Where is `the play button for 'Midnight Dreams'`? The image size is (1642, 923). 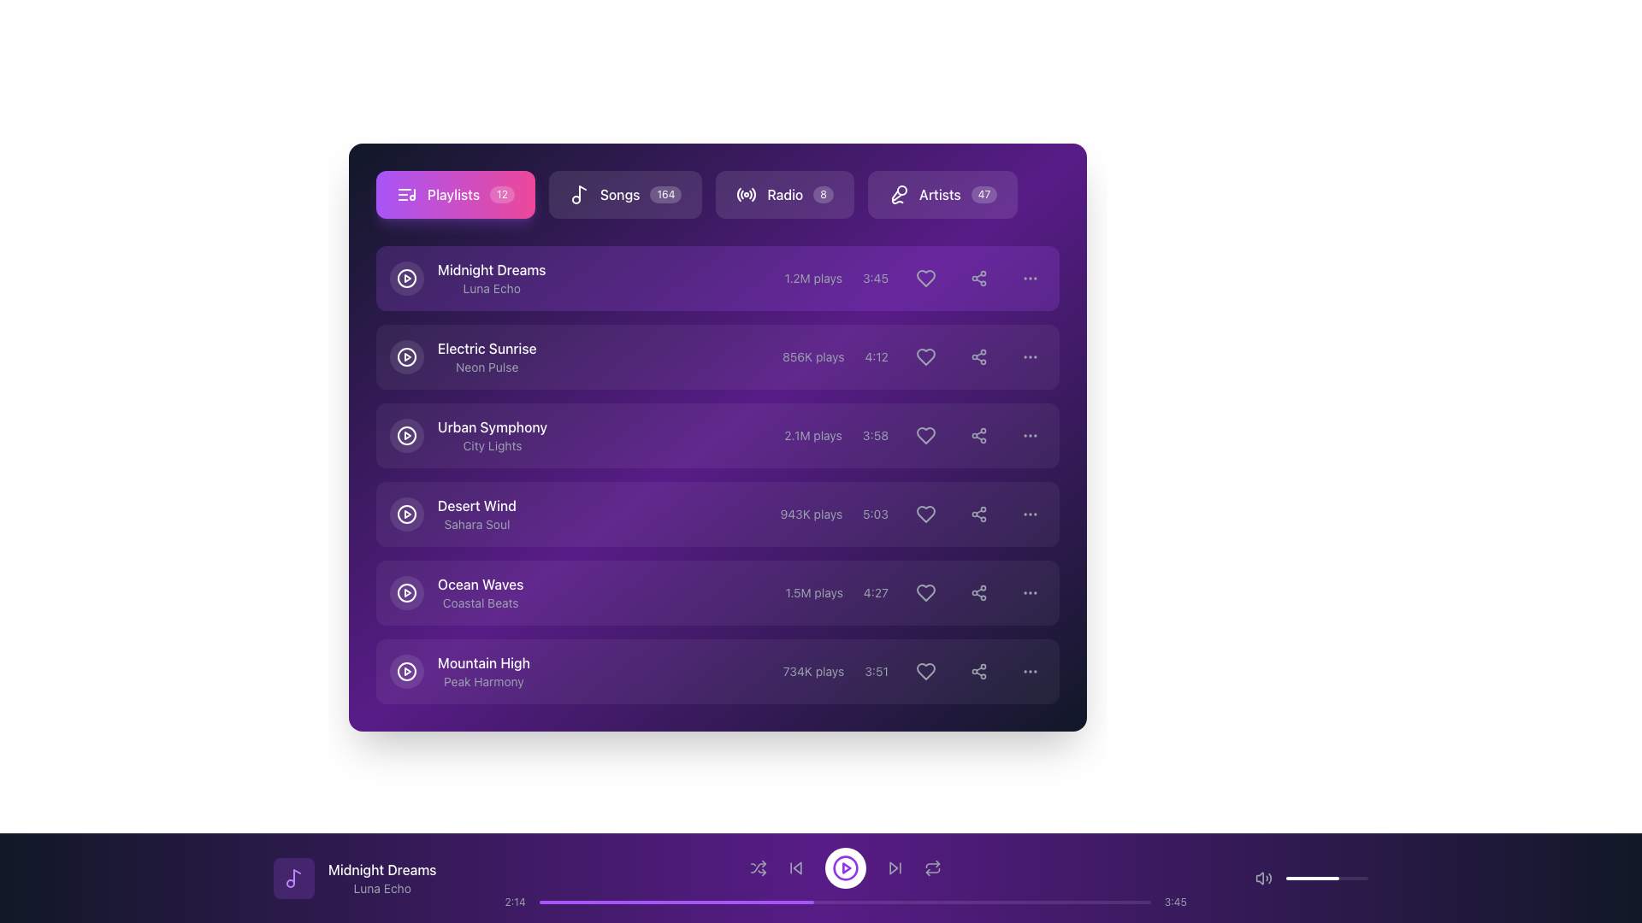 the play button for 'Midnight Dreams' is located at coordinates (405, 278).